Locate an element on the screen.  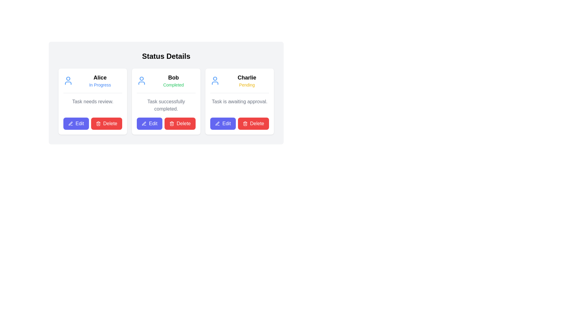
the 'Edit' and 'Delete' buttons in the Action button group below Bob's profile card is located at coordinates (166, 123).